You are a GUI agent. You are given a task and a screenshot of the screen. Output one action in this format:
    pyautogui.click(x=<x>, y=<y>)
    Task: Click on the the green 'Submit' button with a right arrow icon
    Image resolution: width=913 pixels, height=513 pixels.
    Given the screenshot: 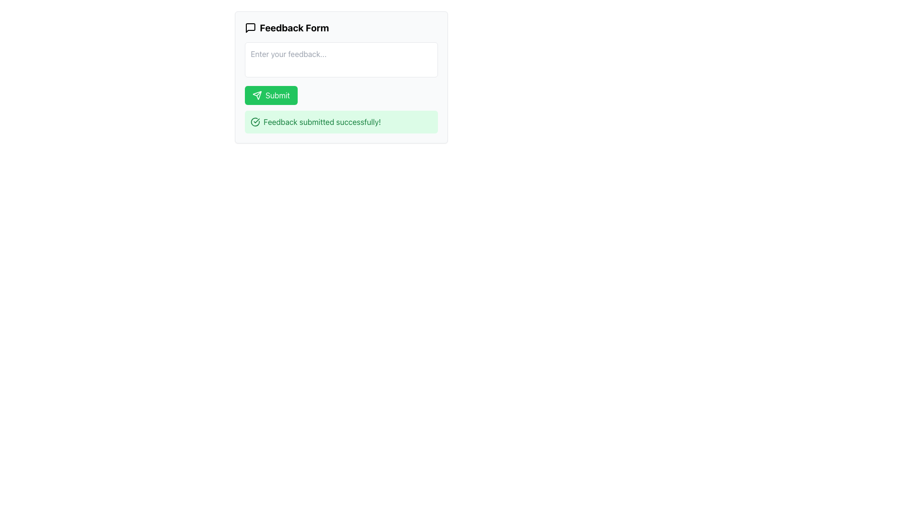 What is the action you would take?
    pyautogui.click(x=271, y=95)
    